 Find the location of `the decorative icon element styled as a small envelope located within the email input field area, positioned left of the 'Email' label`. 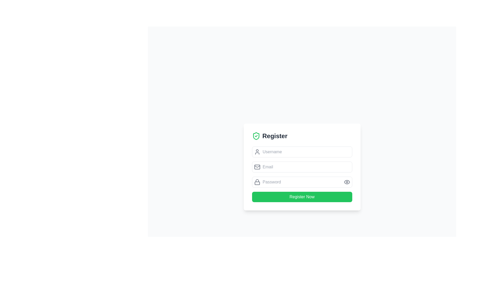

the decorative icon element styled as a small envelope located within the email input field area, positioned left of the 'Email' label is located at coordinates (257, 167).